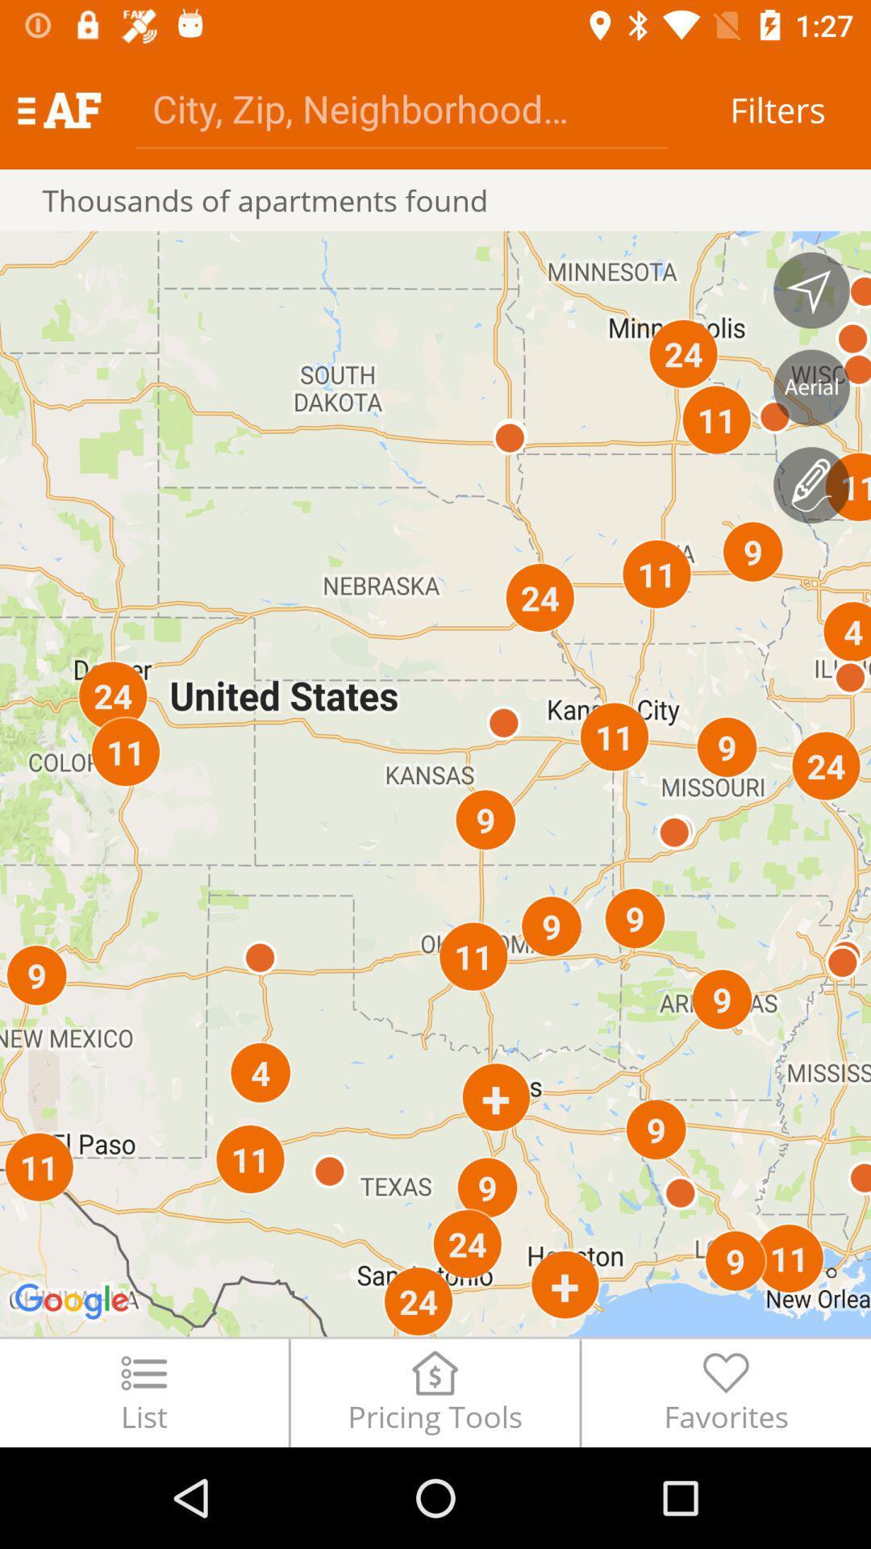 The image size is (871, 1549). What do you see at coordinates (811, 484) in the screenshot?
I see `the edit icon` at bounding box center [811, 484].